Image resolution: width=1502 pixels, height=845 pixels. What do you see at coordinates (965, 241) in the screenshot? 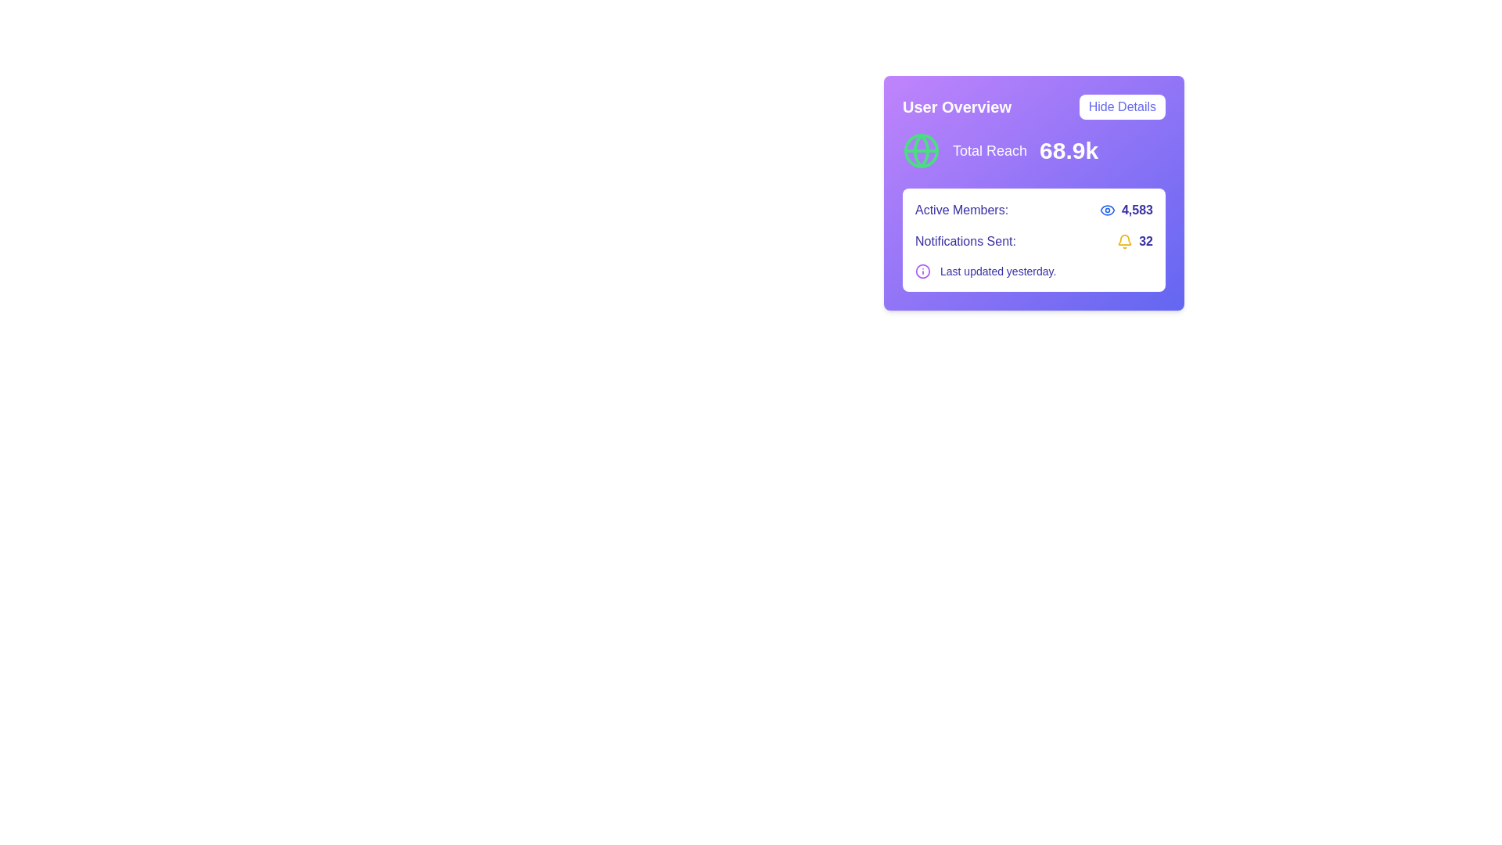
I see `the label that describes the notification count for active members in the 'User Overview' card, located to the left of the numeric value '32'` at bounding box center [965, 241].